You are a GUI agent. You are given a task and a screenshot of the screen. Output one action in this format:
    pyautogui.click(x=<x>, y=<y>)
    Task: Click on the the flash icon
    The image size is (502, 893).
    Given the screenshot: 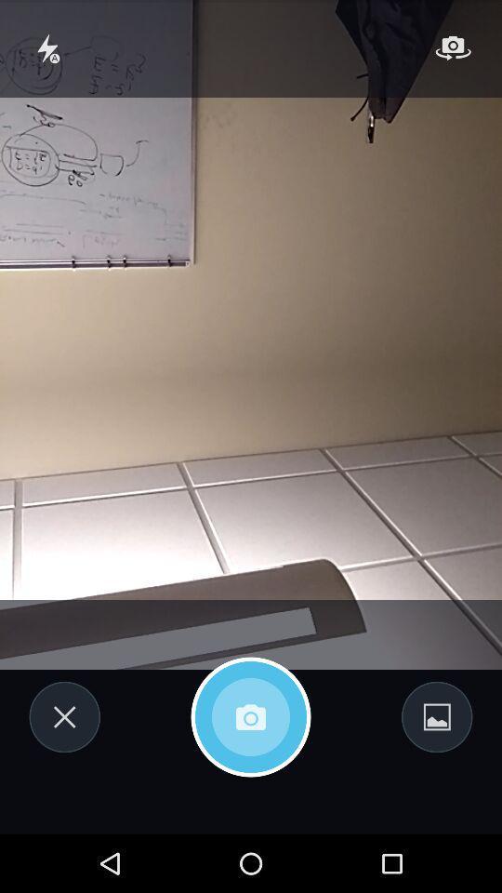 What is the action you would take?
    pyautogui.click(x=48, y=51)
    